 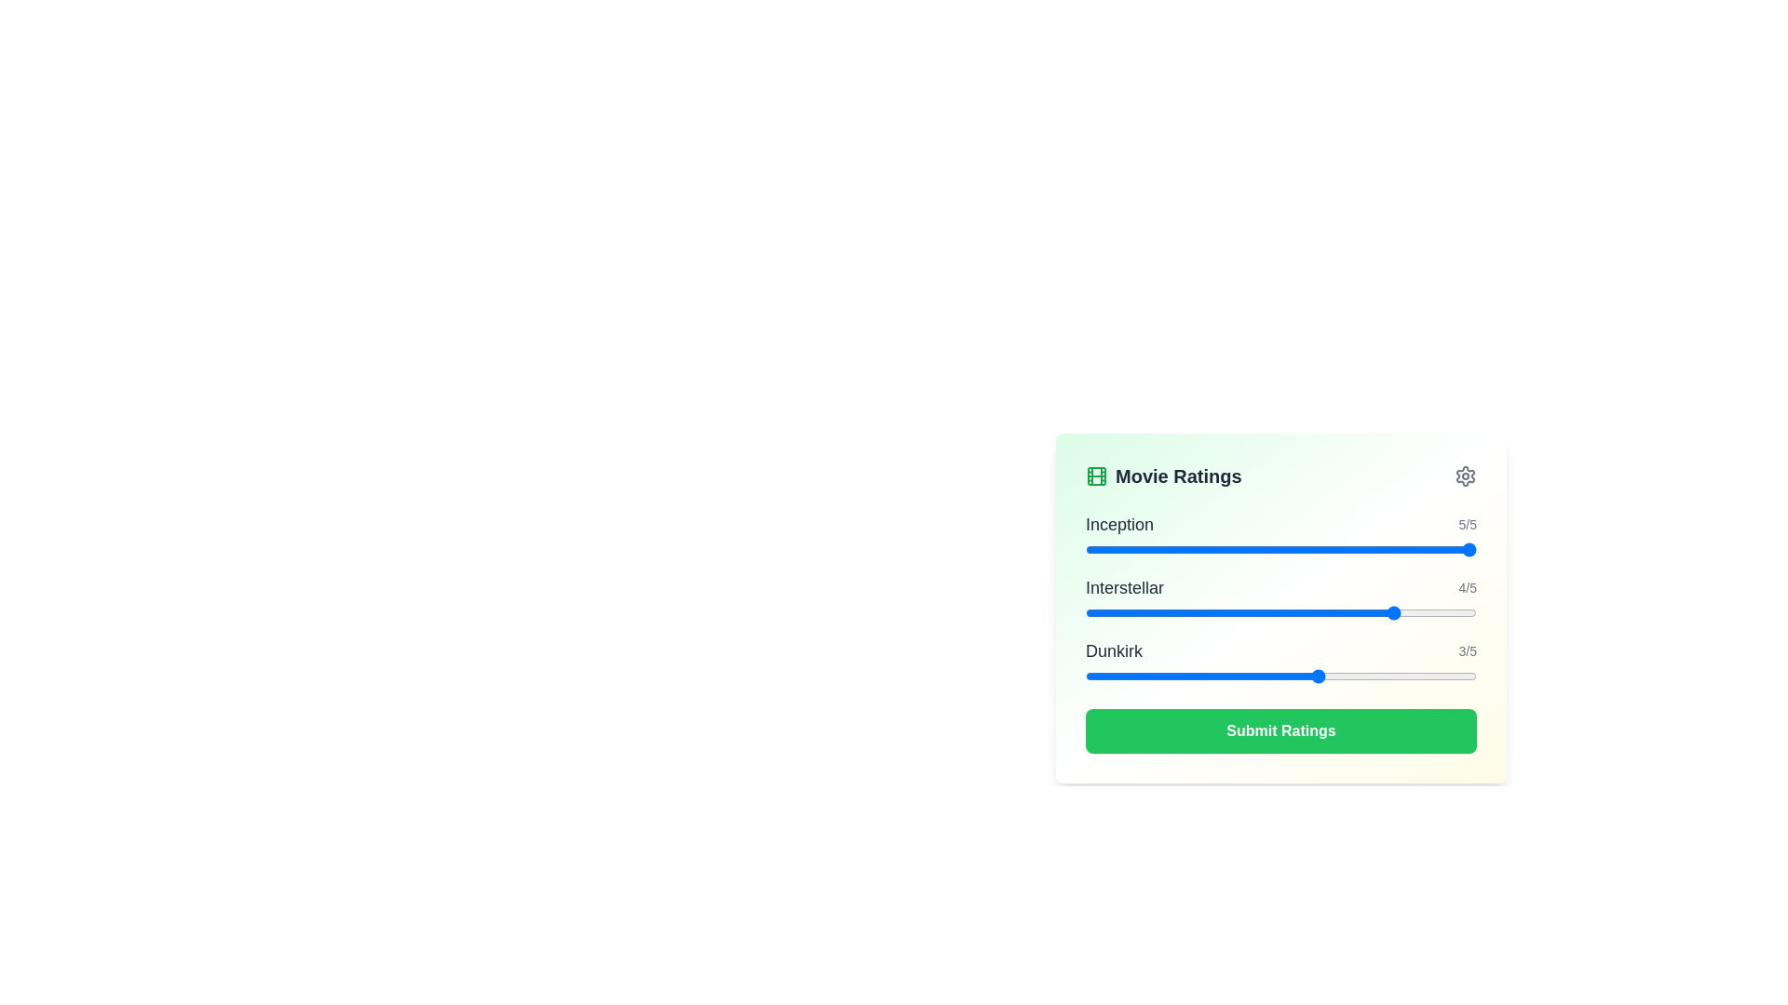 I want to click on the rating for 'Interstellar', so click(x=1162, y=613).